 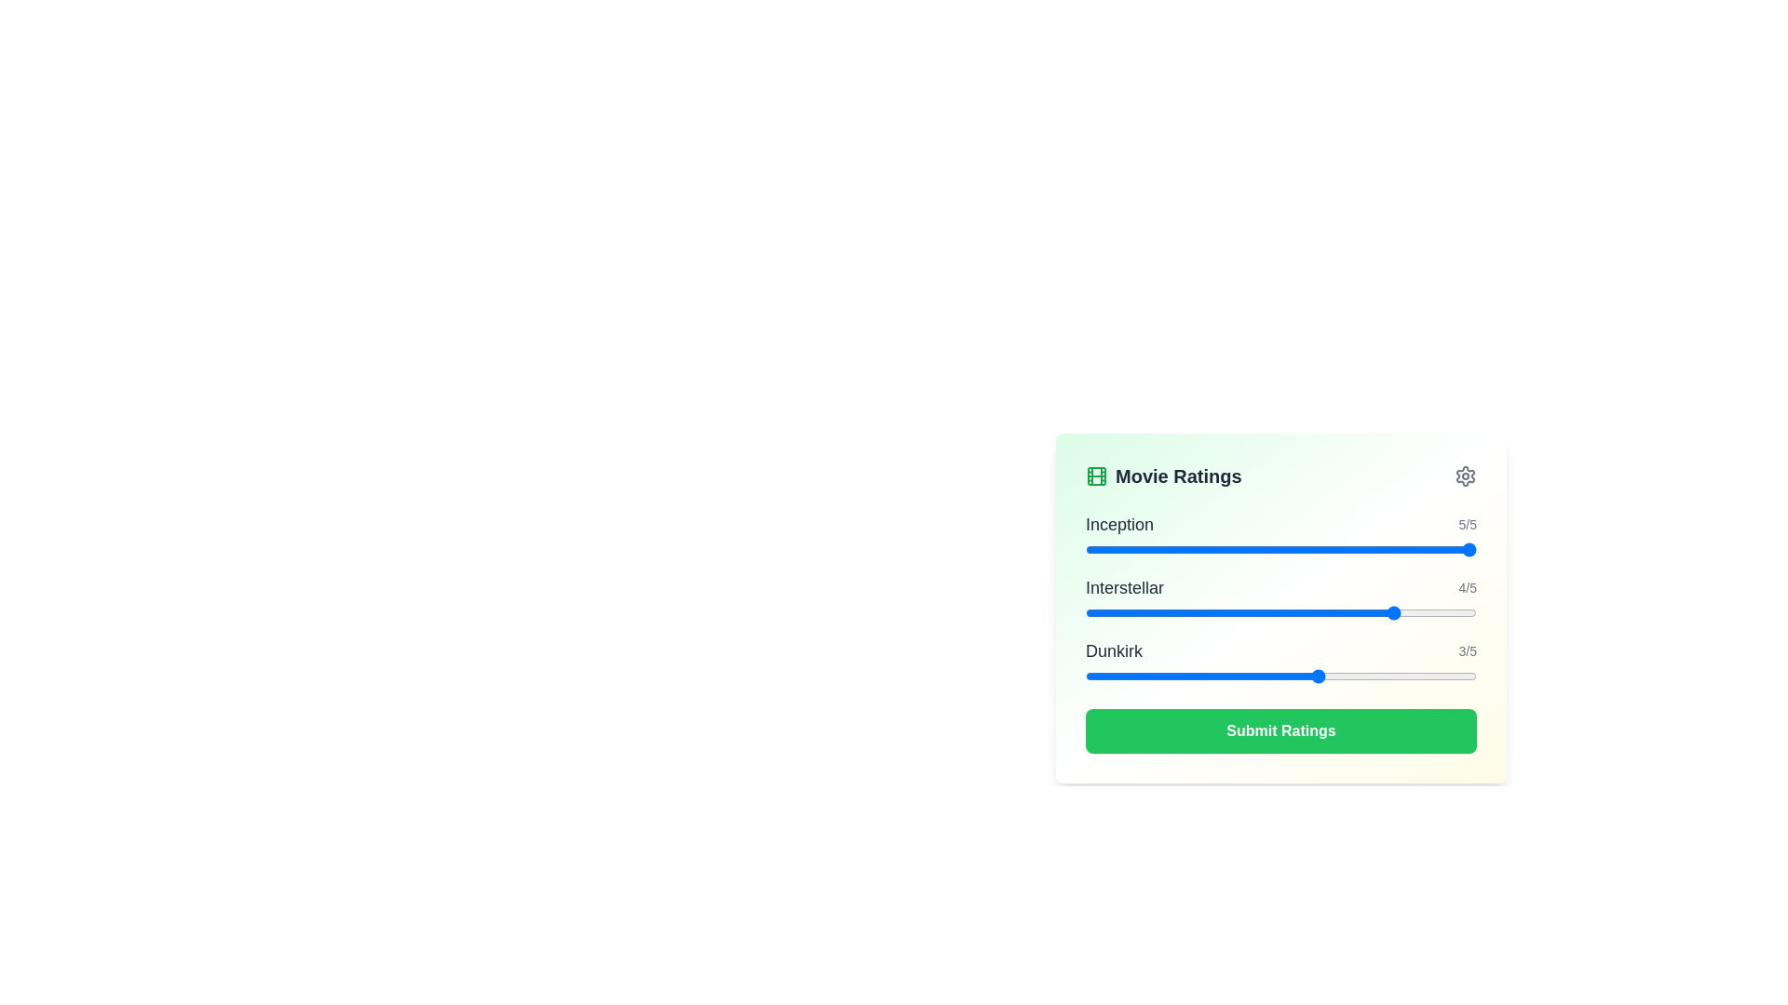 I want to click on the rating for 'Interstellar', so click(x=1162, y=613).